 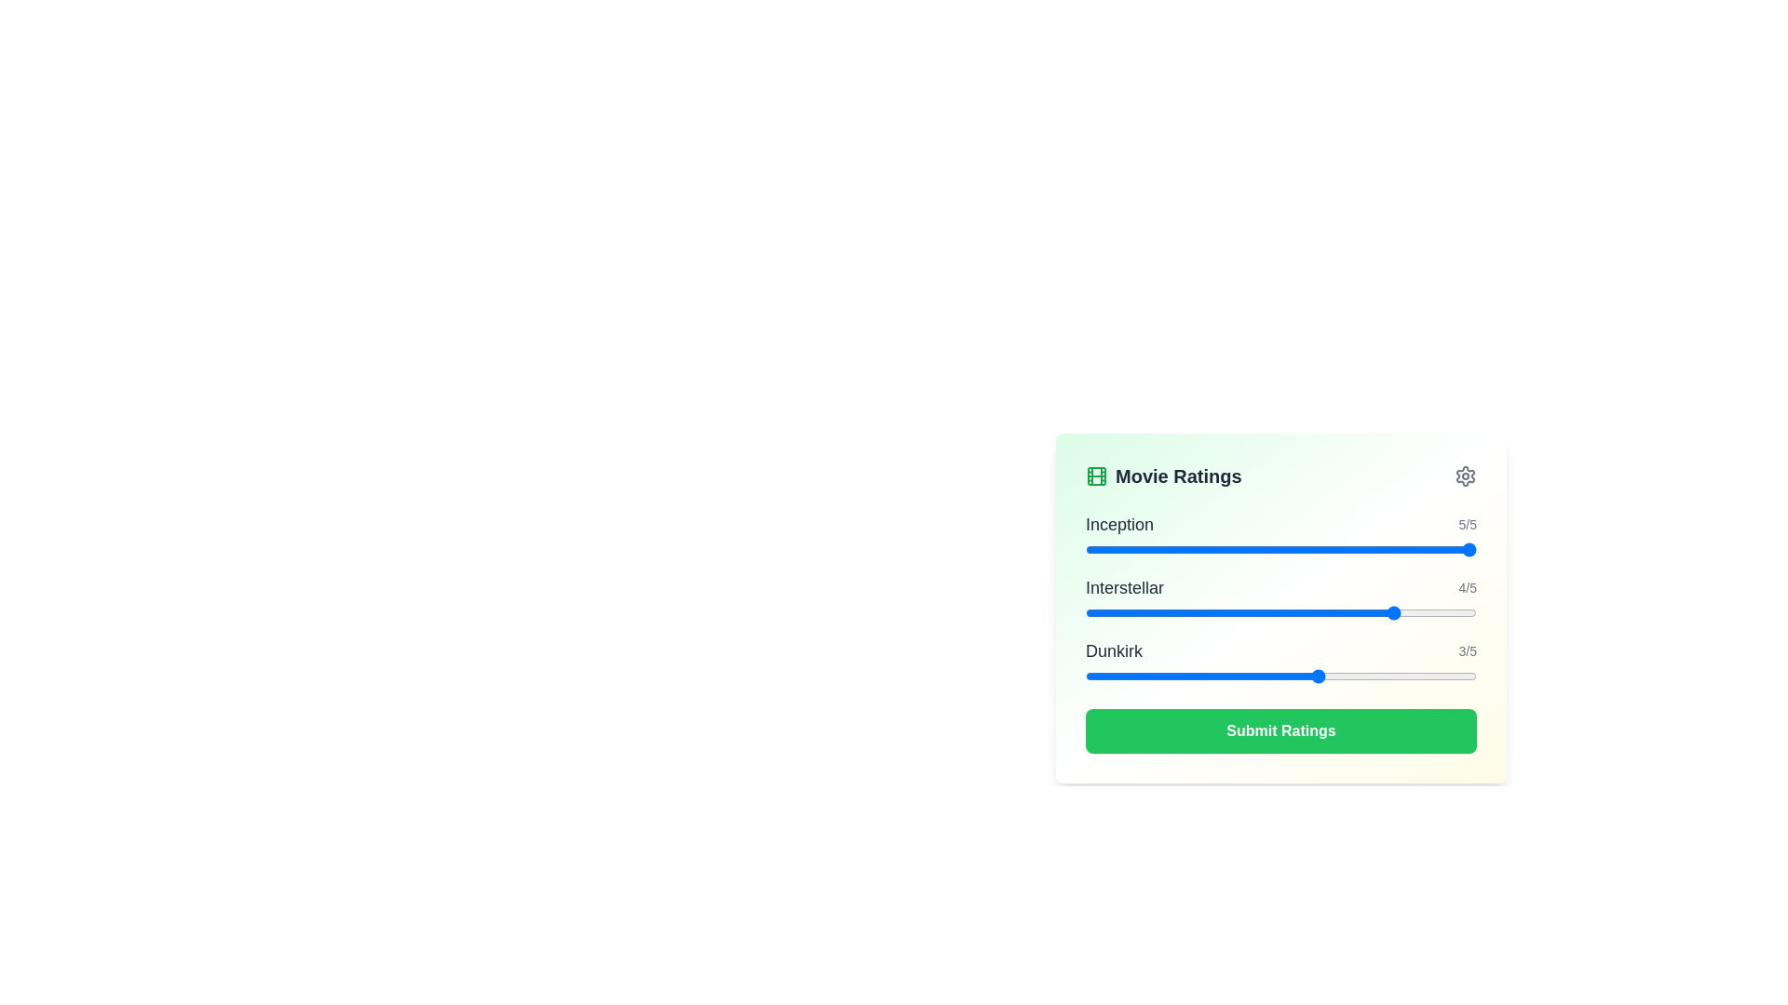 I want to click on the rating for 'Interstellar', so click(x=1162, y=613).